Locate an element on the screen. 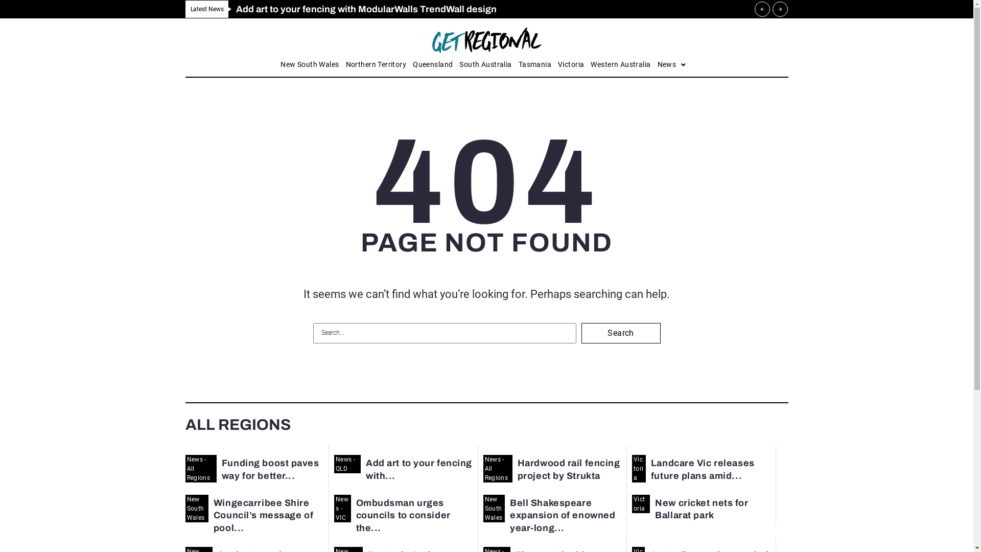 Image resolution: width=981 pixels, height=552 pixels. 'Tasmania' is located at coordinates (518, 64).